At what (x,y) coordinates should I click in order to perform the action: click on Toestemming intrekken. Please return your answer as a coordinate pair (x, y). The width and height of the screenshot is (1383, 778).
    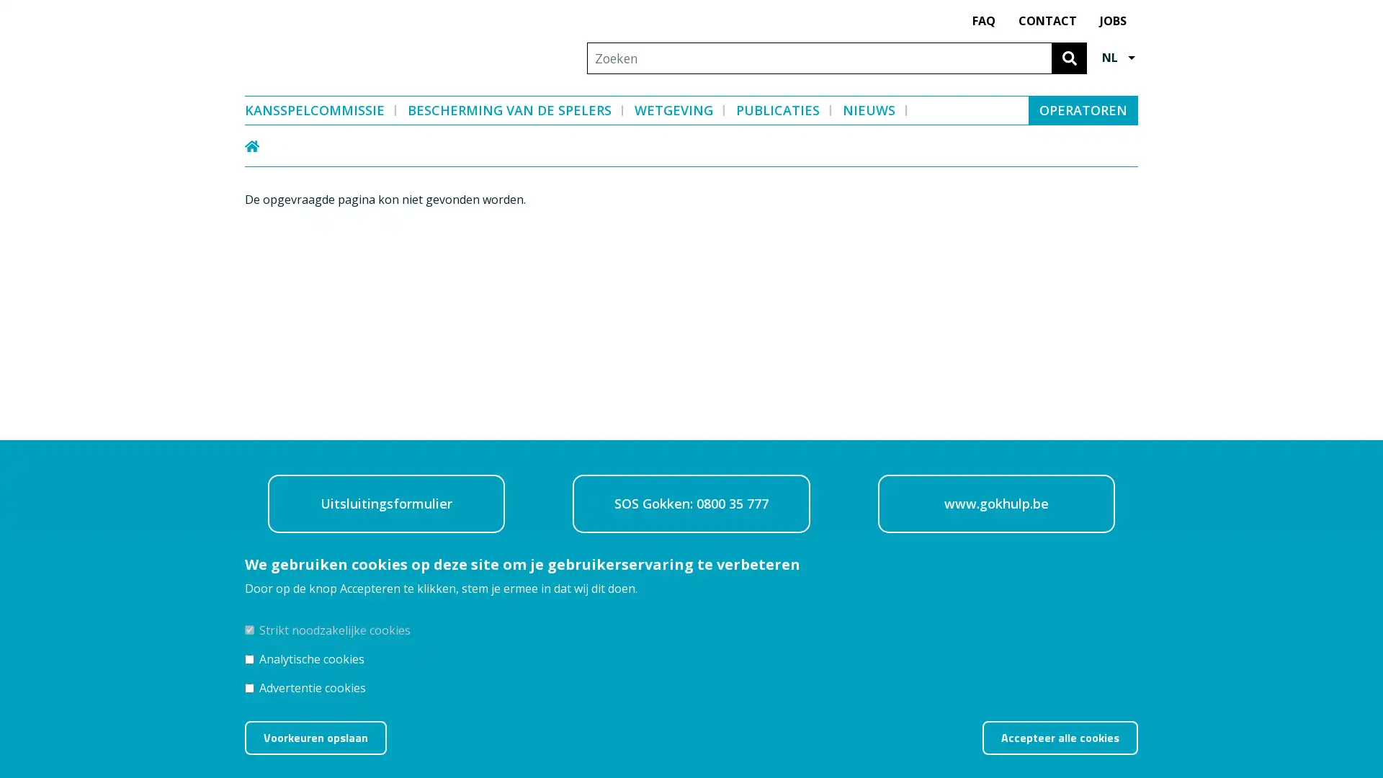
    Looking at the image, I should click on (1157, 728).